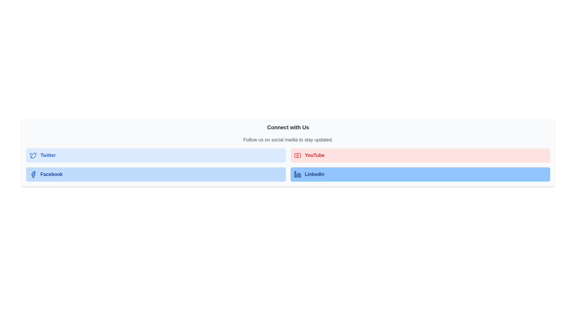 This screenshot has width=571, height=321. Describe the element at coordinates (314, 155) in the screenshot. I see `the 'YouTube' text label, which is displayed in bold red font and designed as a clickable link, located to the right of a 'YouTube' icon` at that location.